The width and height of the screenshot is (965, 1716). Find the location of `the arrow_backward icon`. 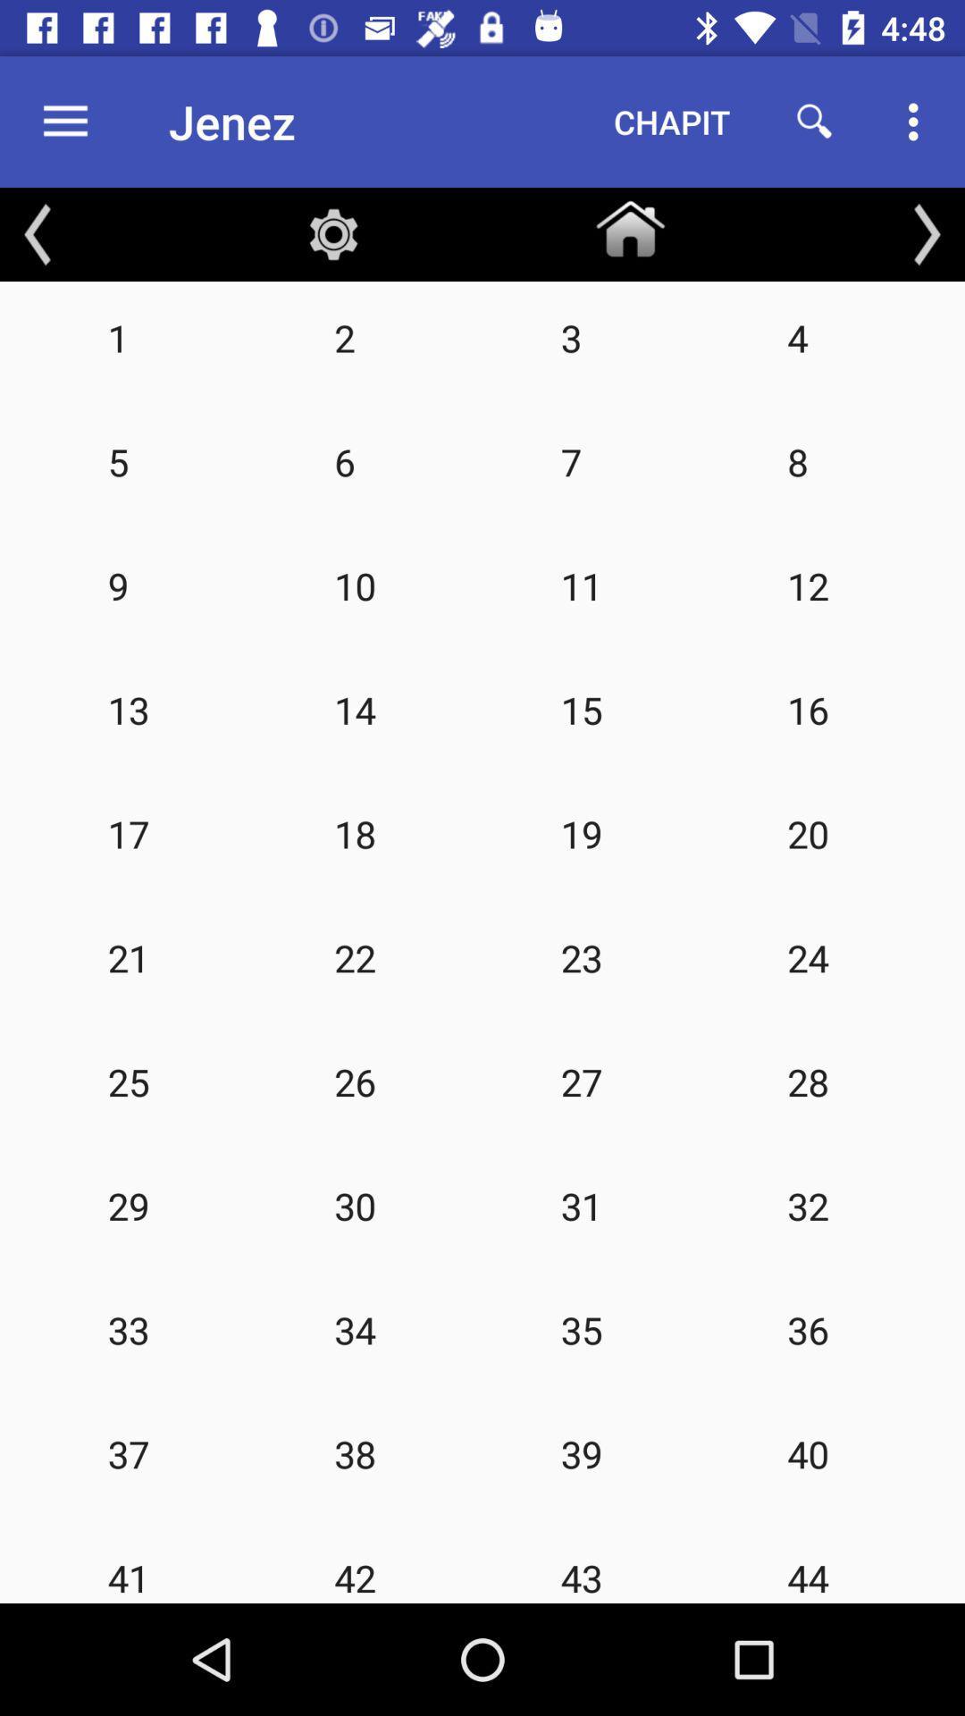

the arrow_backward icon is located at coordinates (38, 233).